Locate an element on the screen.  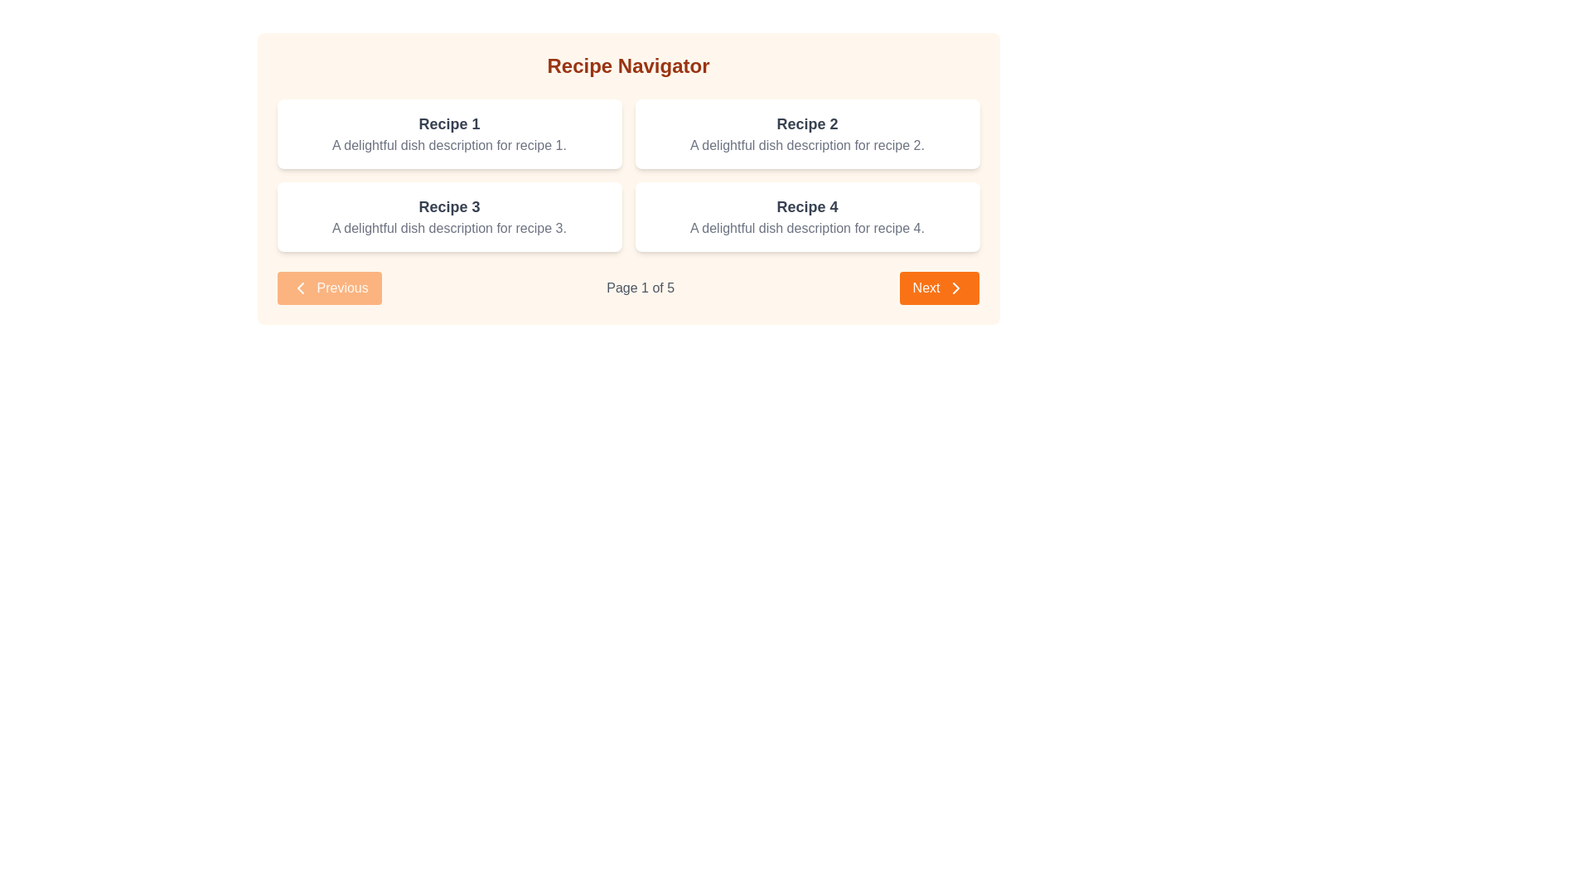
the rightmost button in the navigation bar below the recipe cards is located at coordinates (939, 287).